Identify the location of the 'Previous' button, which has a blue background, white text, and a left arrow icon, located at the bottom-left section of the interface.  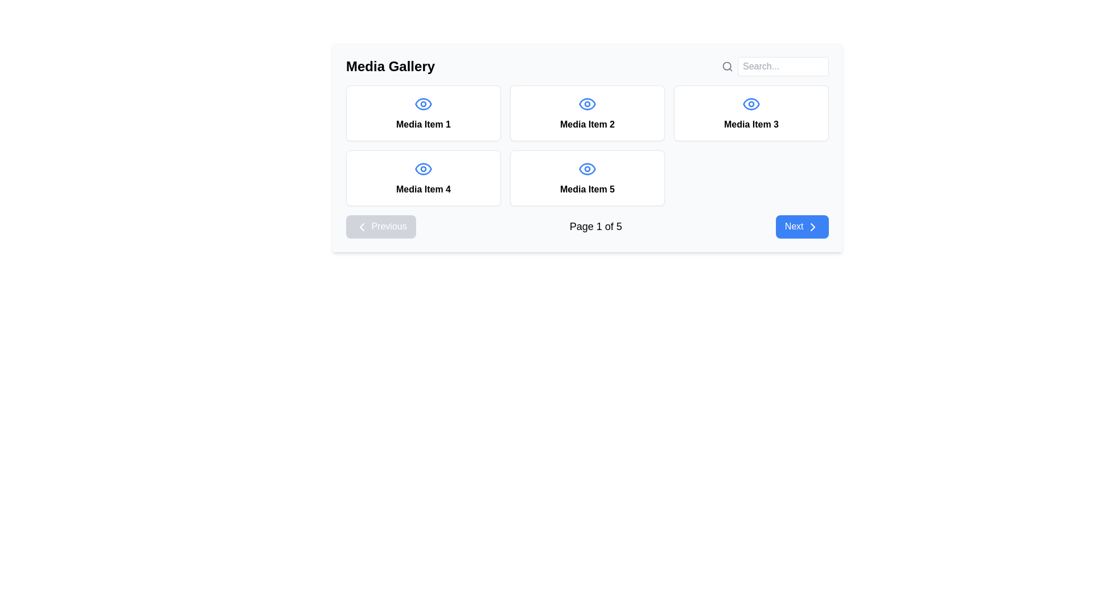
(381, 227).